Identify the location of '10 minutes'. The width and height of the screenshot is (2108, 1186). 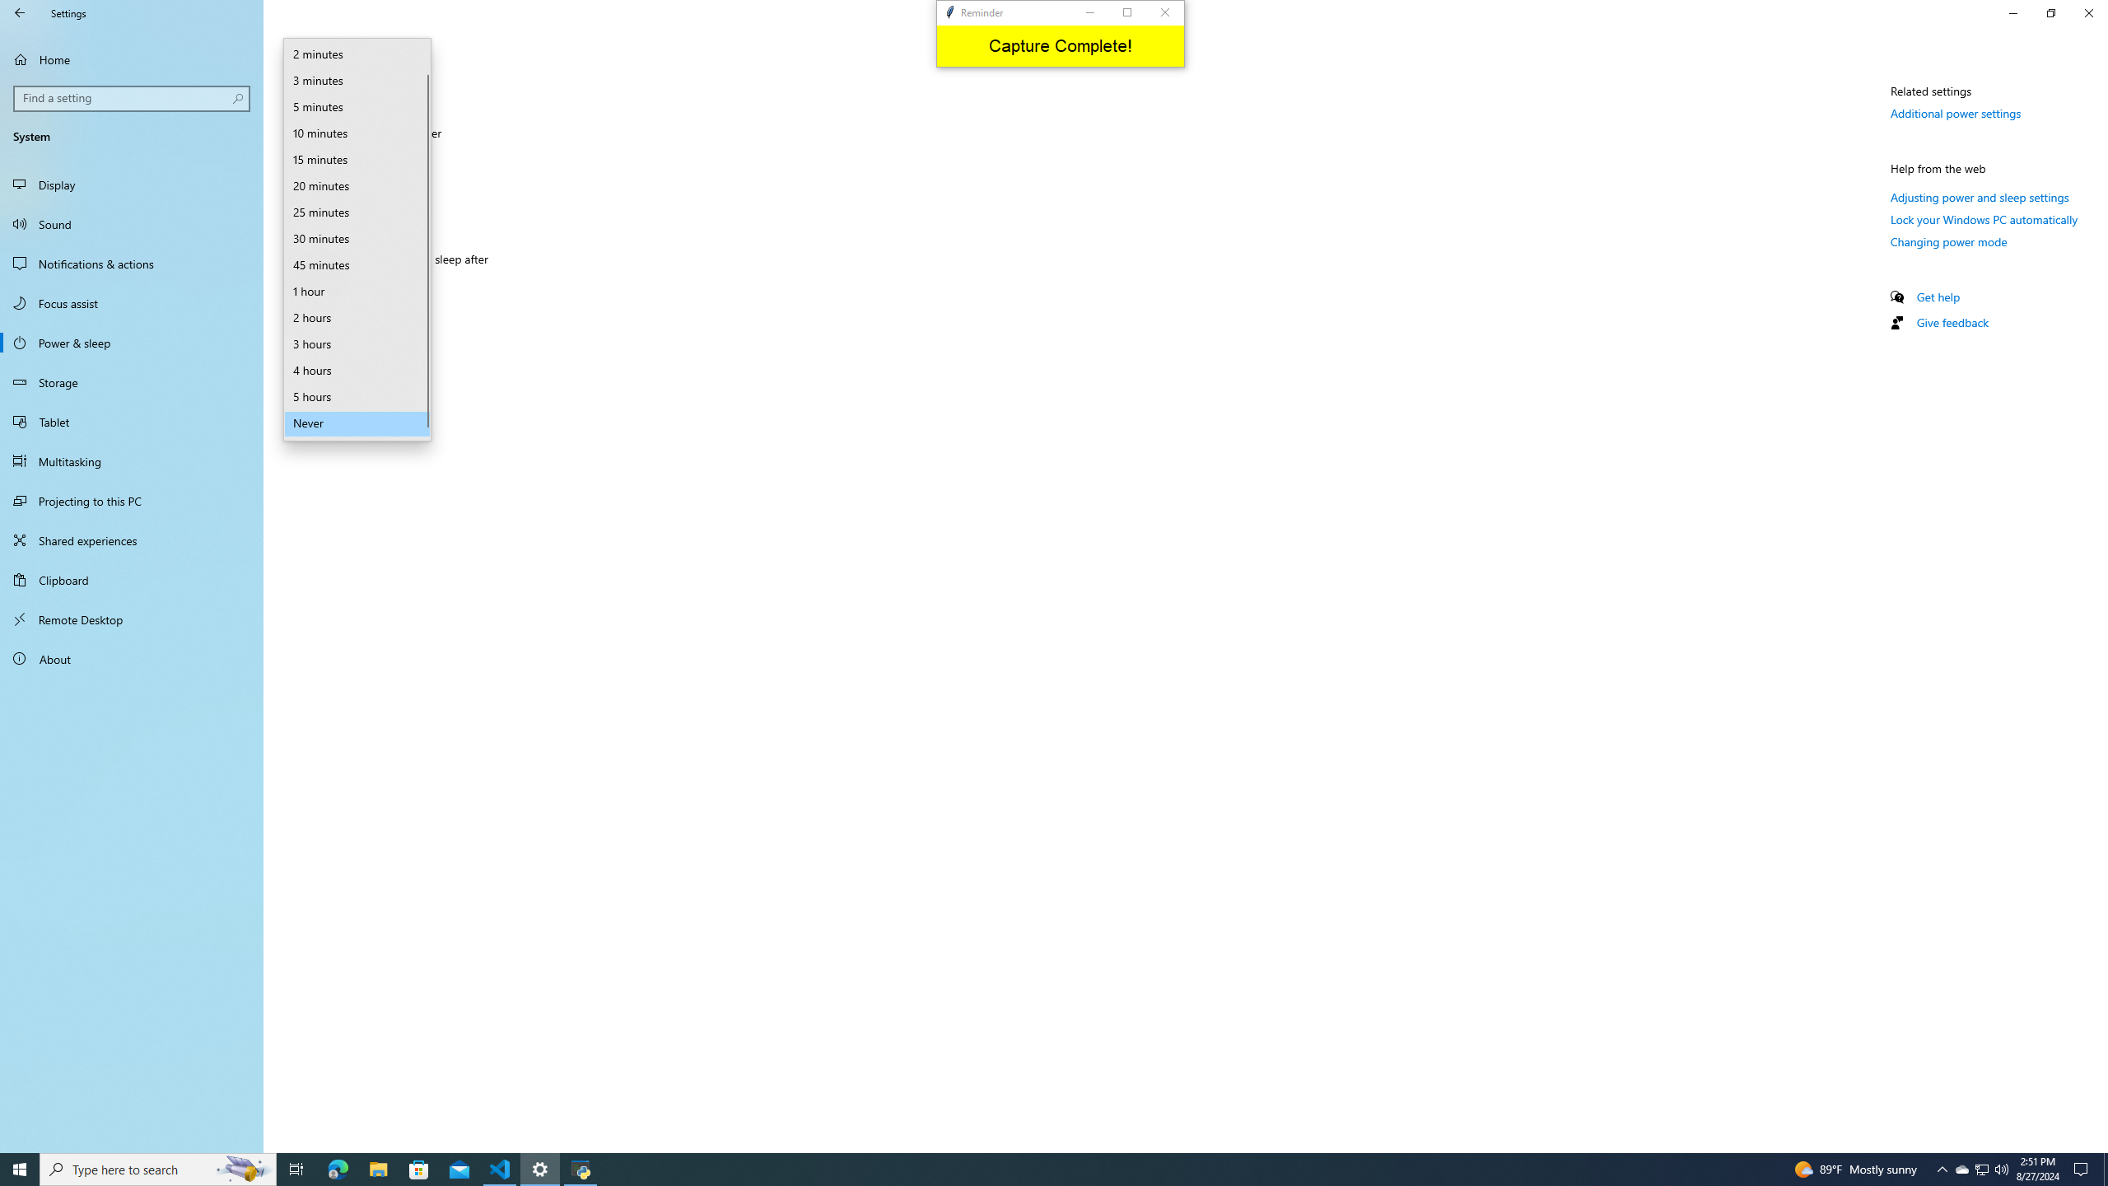
(356, 133).